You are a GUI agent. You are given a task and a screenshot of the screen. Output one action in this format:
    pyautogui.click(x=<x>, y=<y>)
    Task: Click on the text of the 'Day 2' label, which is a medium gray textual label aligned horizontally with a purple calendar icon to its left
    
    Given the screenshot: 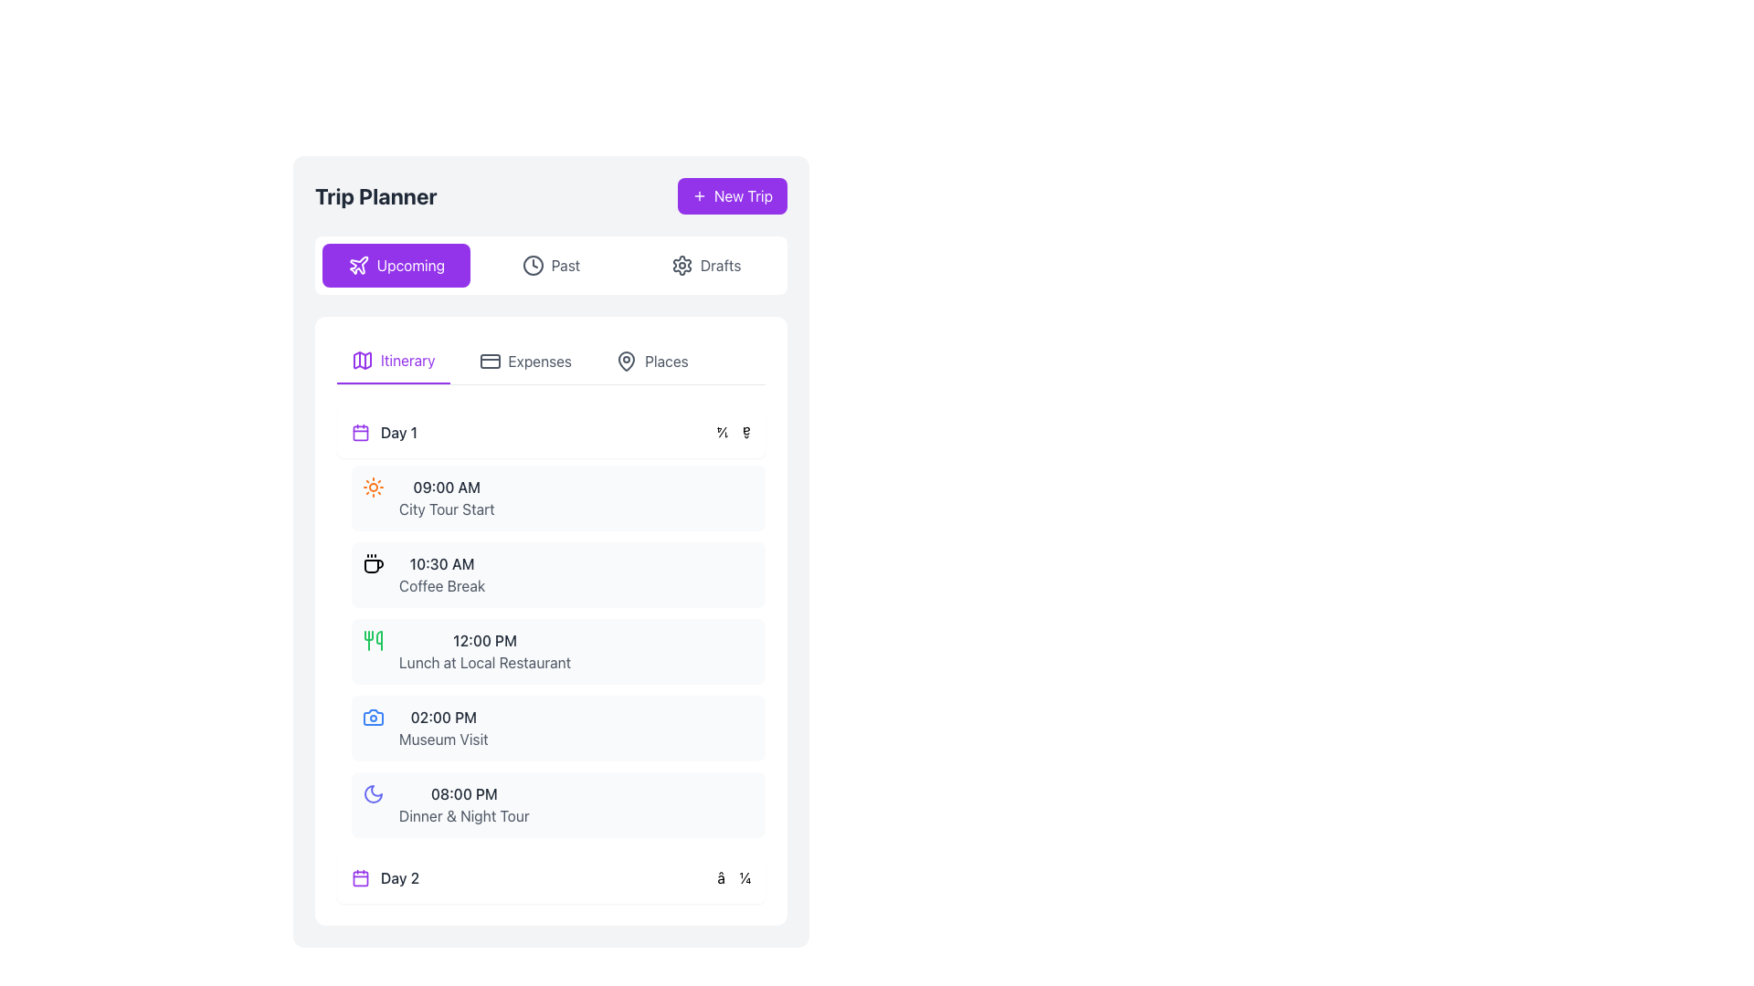 What is the action you would take?
    pyautogui.click(x=399, y=876)
    